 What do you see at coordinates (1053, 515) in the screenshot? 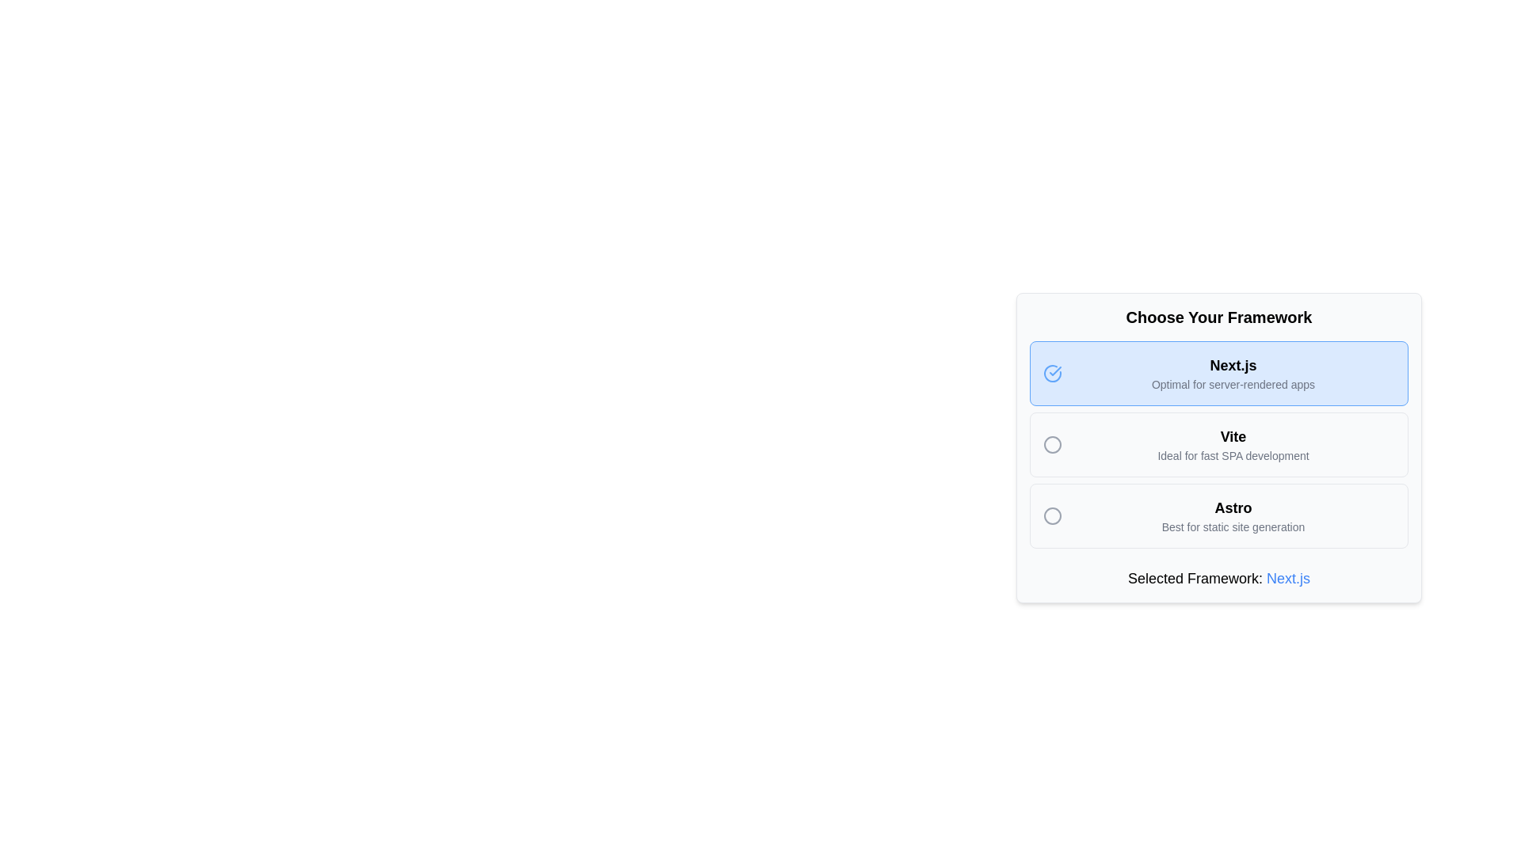
I see `the unselected circular icon with a gray border for the 'Astro' framework located at the bottom of the 'Choose Your Framework' card` at bounding box center [1053, 515].